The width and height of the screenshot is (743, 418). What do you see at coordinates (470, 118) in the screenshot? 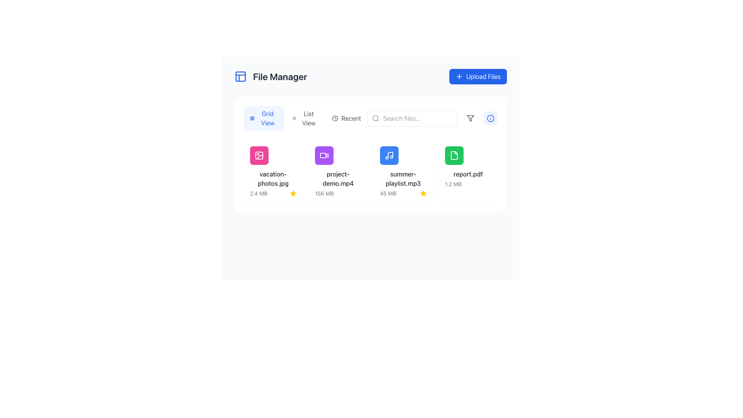
I see `the downward-pointing funnel-shaped filter icon located in the toolbar at the top of the interface` at bounding box center [470, 118].